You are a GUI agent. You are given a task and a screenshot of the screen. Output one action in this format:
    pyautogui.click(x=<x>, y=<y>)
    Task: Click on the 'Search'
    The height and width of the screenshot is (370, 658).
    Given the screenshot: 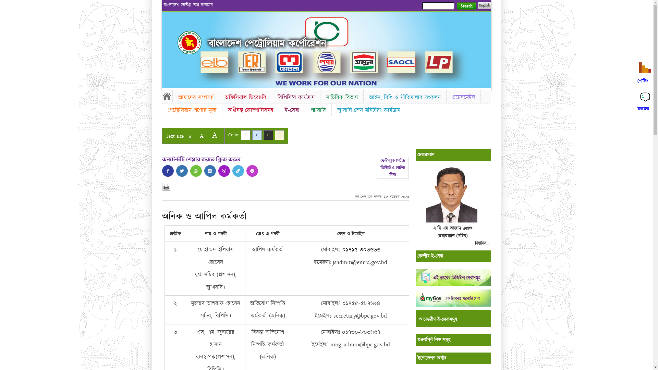 What is the action you would take?
    pyautogui.click(x=456, y=6)
    